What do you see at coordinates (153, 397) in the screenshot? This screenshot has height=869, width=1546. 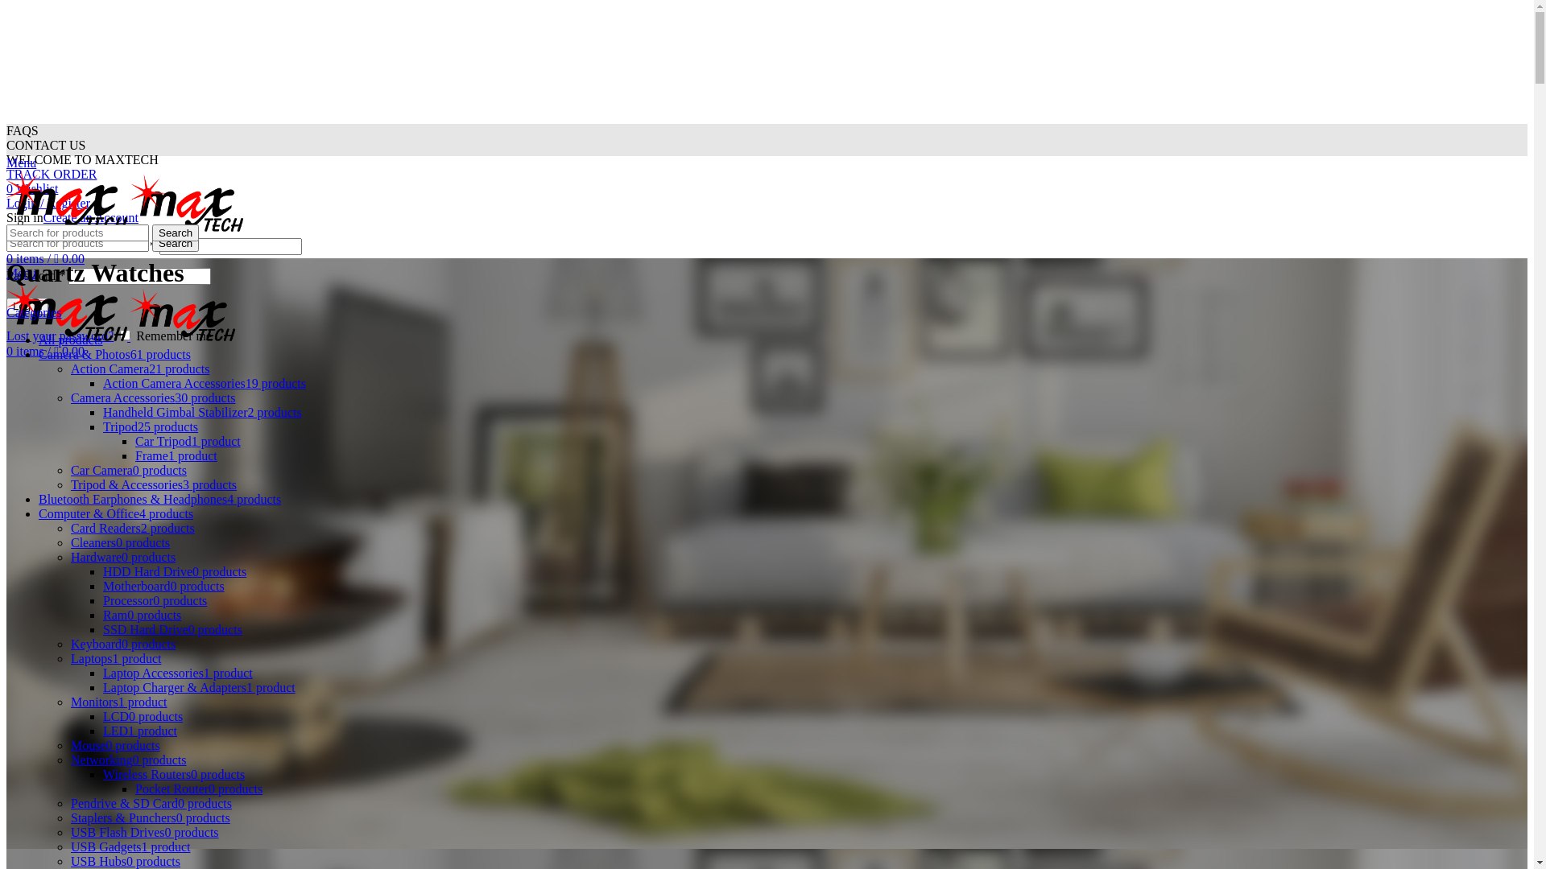 I see `'Camera Accessories30 products'` at bounding box center [153, 397].